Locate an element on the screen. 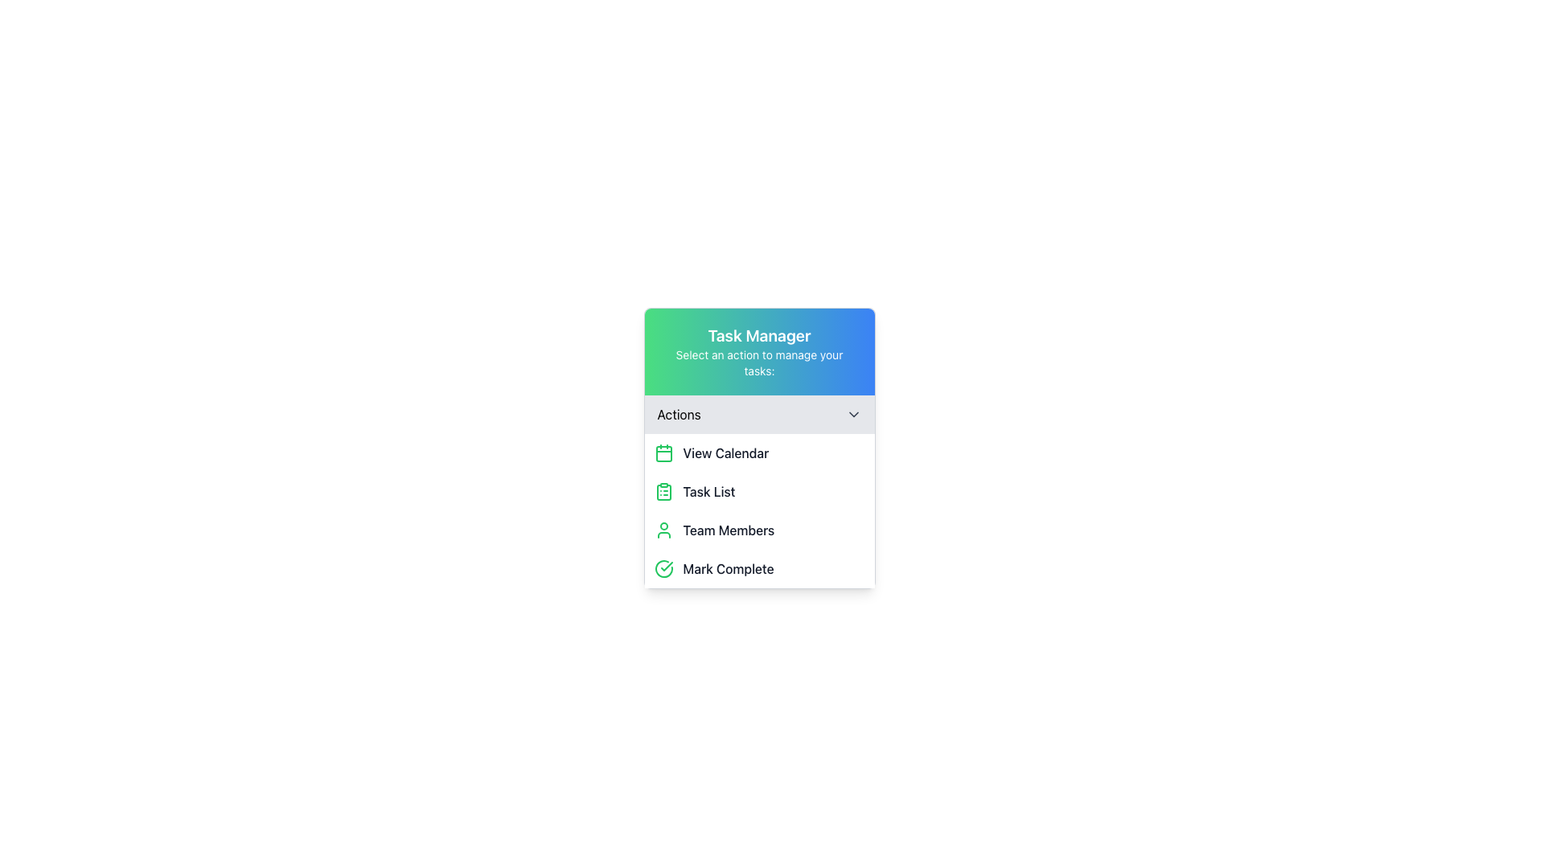  the SVG segment of the 'Task List' icon, which is located to the left of the 'Task List' text in the second item of the action list under the 'Actions' section is located at coordinates (663, 492).